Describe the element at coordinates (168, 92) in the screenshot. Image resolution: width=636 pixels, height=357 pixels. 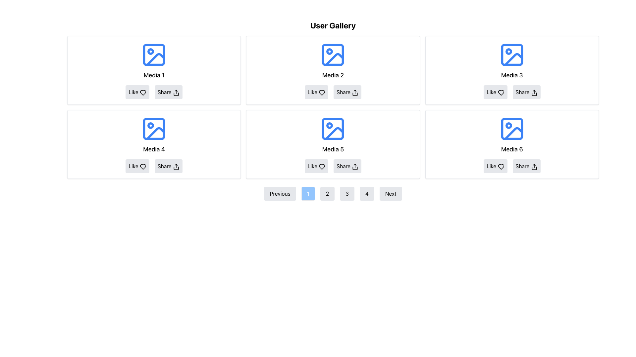
I see `the sharing button located to the right of the 'Like' and 'Share' buttons below 'Media 1' in the User Gallery to observe the hover effect` at that location.